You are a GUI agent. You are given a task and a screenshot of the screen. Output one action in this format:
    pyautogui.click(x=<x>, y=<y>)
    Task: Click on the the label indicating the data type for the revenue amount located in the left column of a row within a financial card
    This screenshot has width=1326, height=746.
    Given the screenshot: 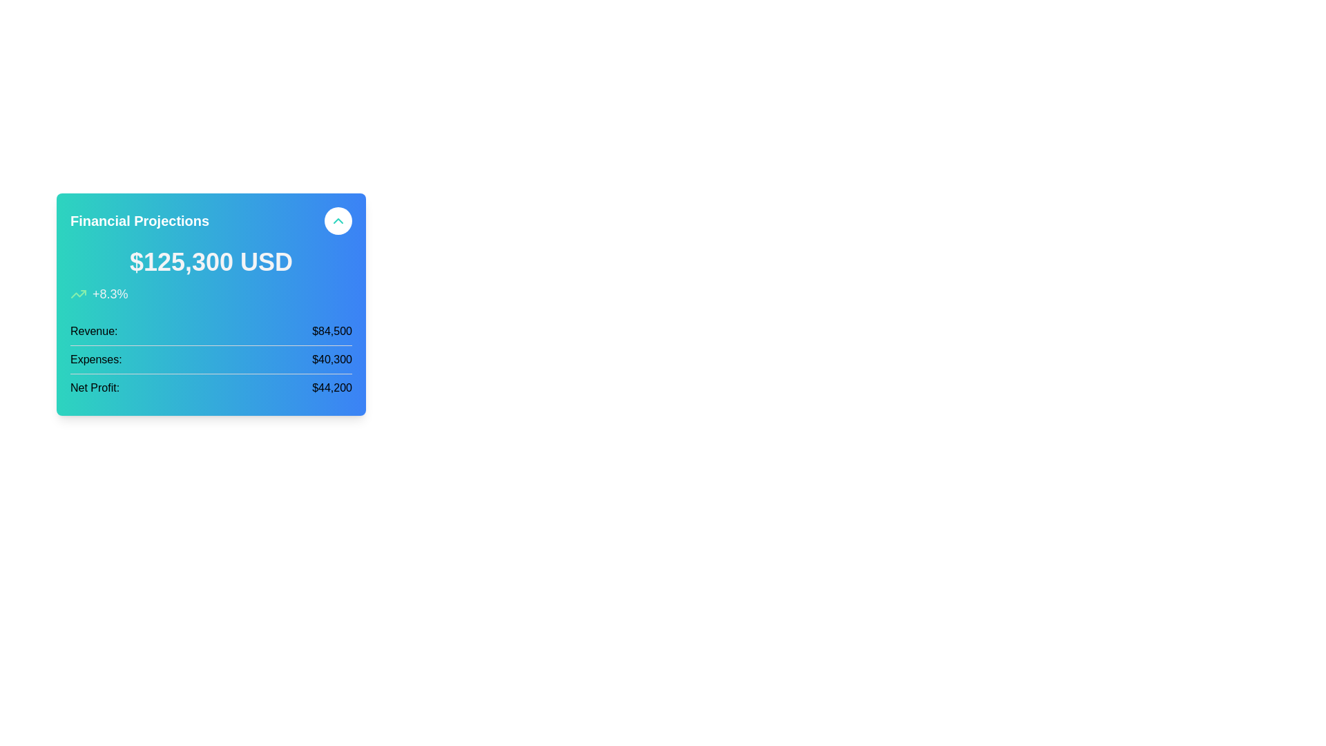 What is the action you would take?
    pyautogui.click(x=93, y=331)
    